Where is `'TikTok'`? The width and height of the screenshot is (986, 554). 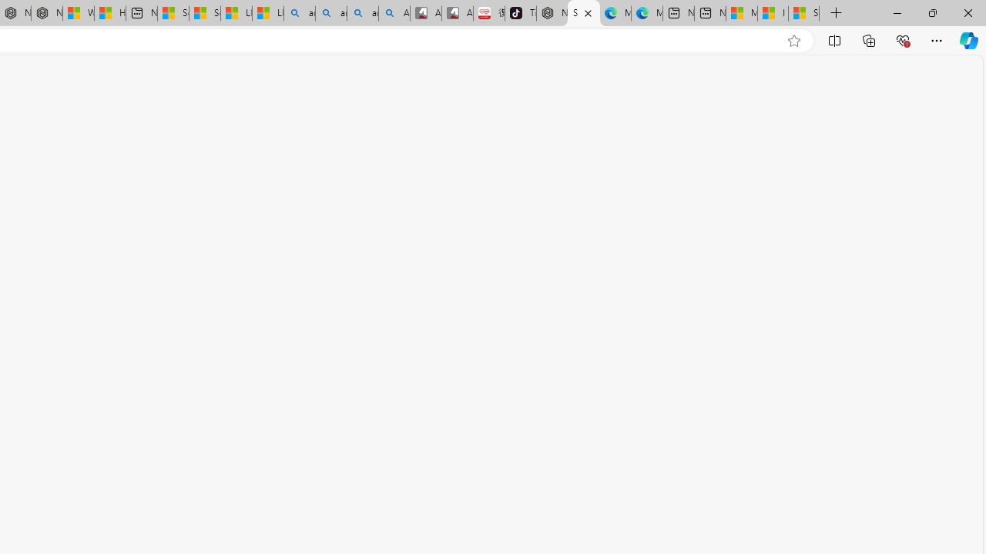
'TikTok' is located at coordinates (520, 13).